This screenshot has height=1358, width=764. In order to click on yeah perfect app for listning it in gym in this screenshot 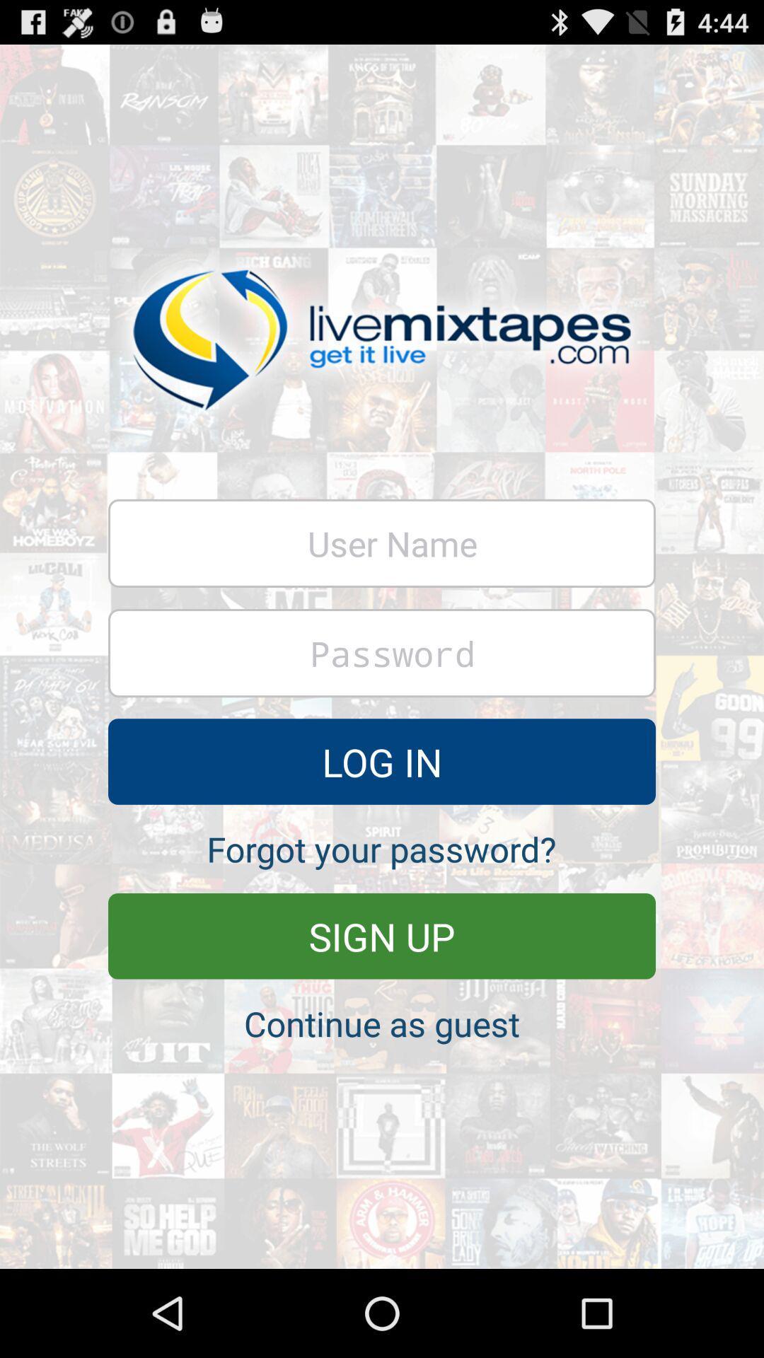, I will do `click(382, 652)`.